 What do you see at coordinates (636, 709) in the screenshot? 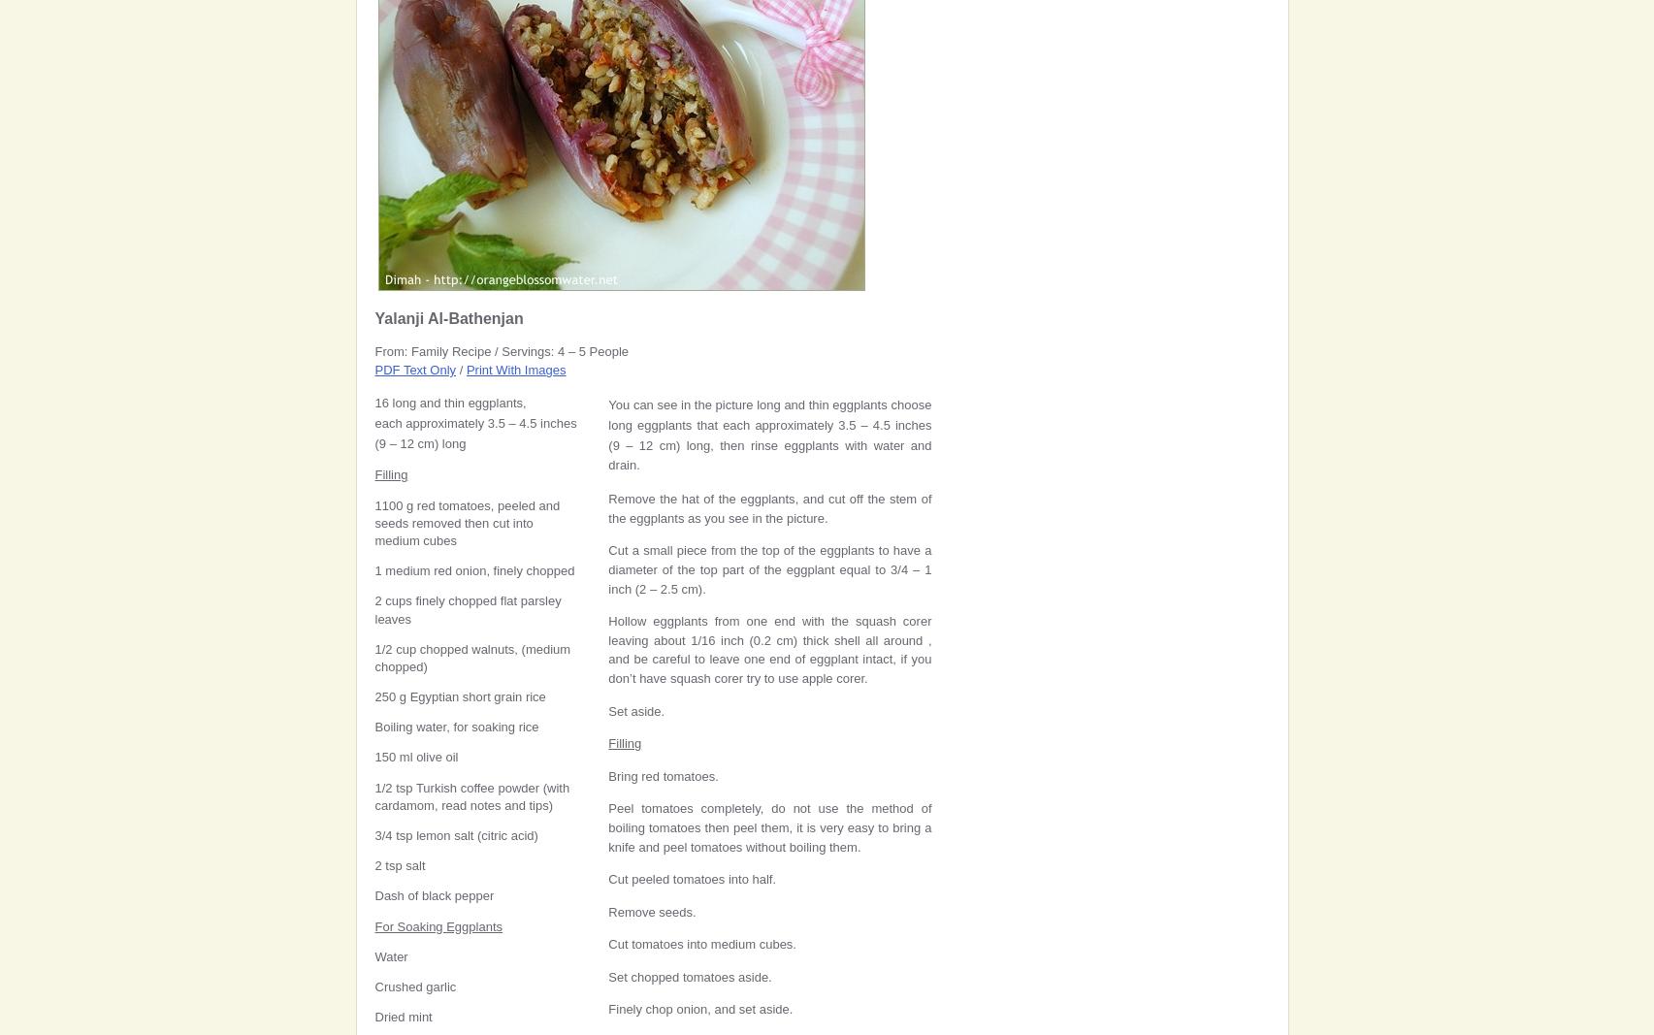
I see `'Set aside.'` at bounding box center [636, 709].